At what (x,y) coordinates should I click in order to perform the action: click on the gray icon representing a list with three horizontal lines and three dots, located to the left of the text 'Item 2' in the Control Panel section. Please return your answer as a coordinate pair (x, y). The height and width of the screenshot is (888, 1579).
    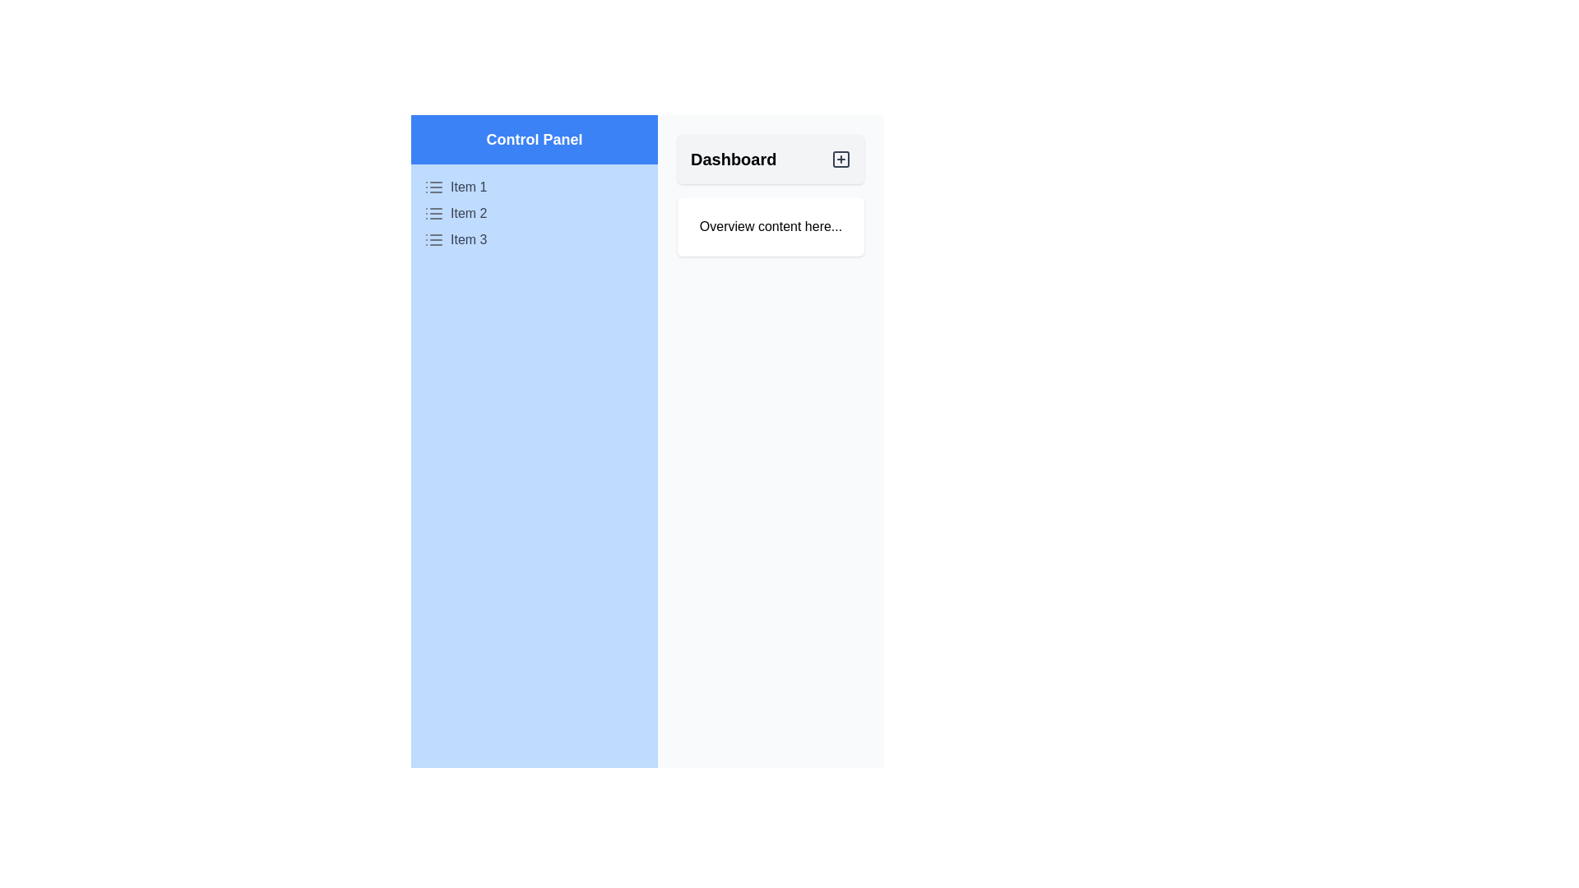
    Looking at the image, I should click on (434, 212).